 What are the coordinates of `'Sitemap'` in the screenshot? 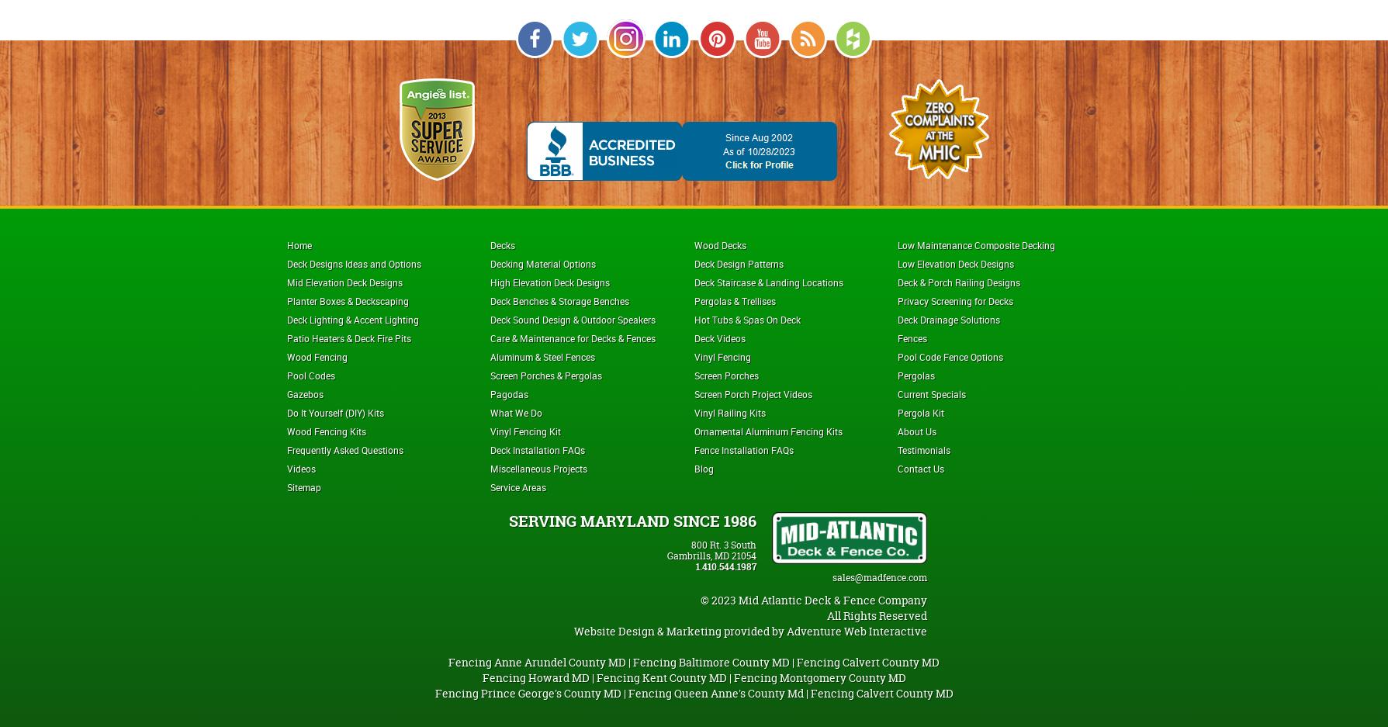 It's located at (286, 486).